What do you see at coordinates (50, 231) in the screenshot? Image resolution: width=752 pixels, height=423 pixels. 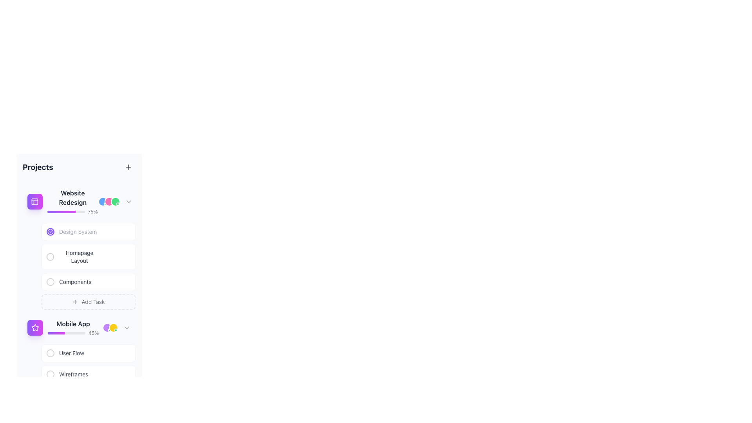 I see `the central circular SVG element styled as a circle-check icon located in the left sidebar next to task group labels` at bounding box center [50, 231].